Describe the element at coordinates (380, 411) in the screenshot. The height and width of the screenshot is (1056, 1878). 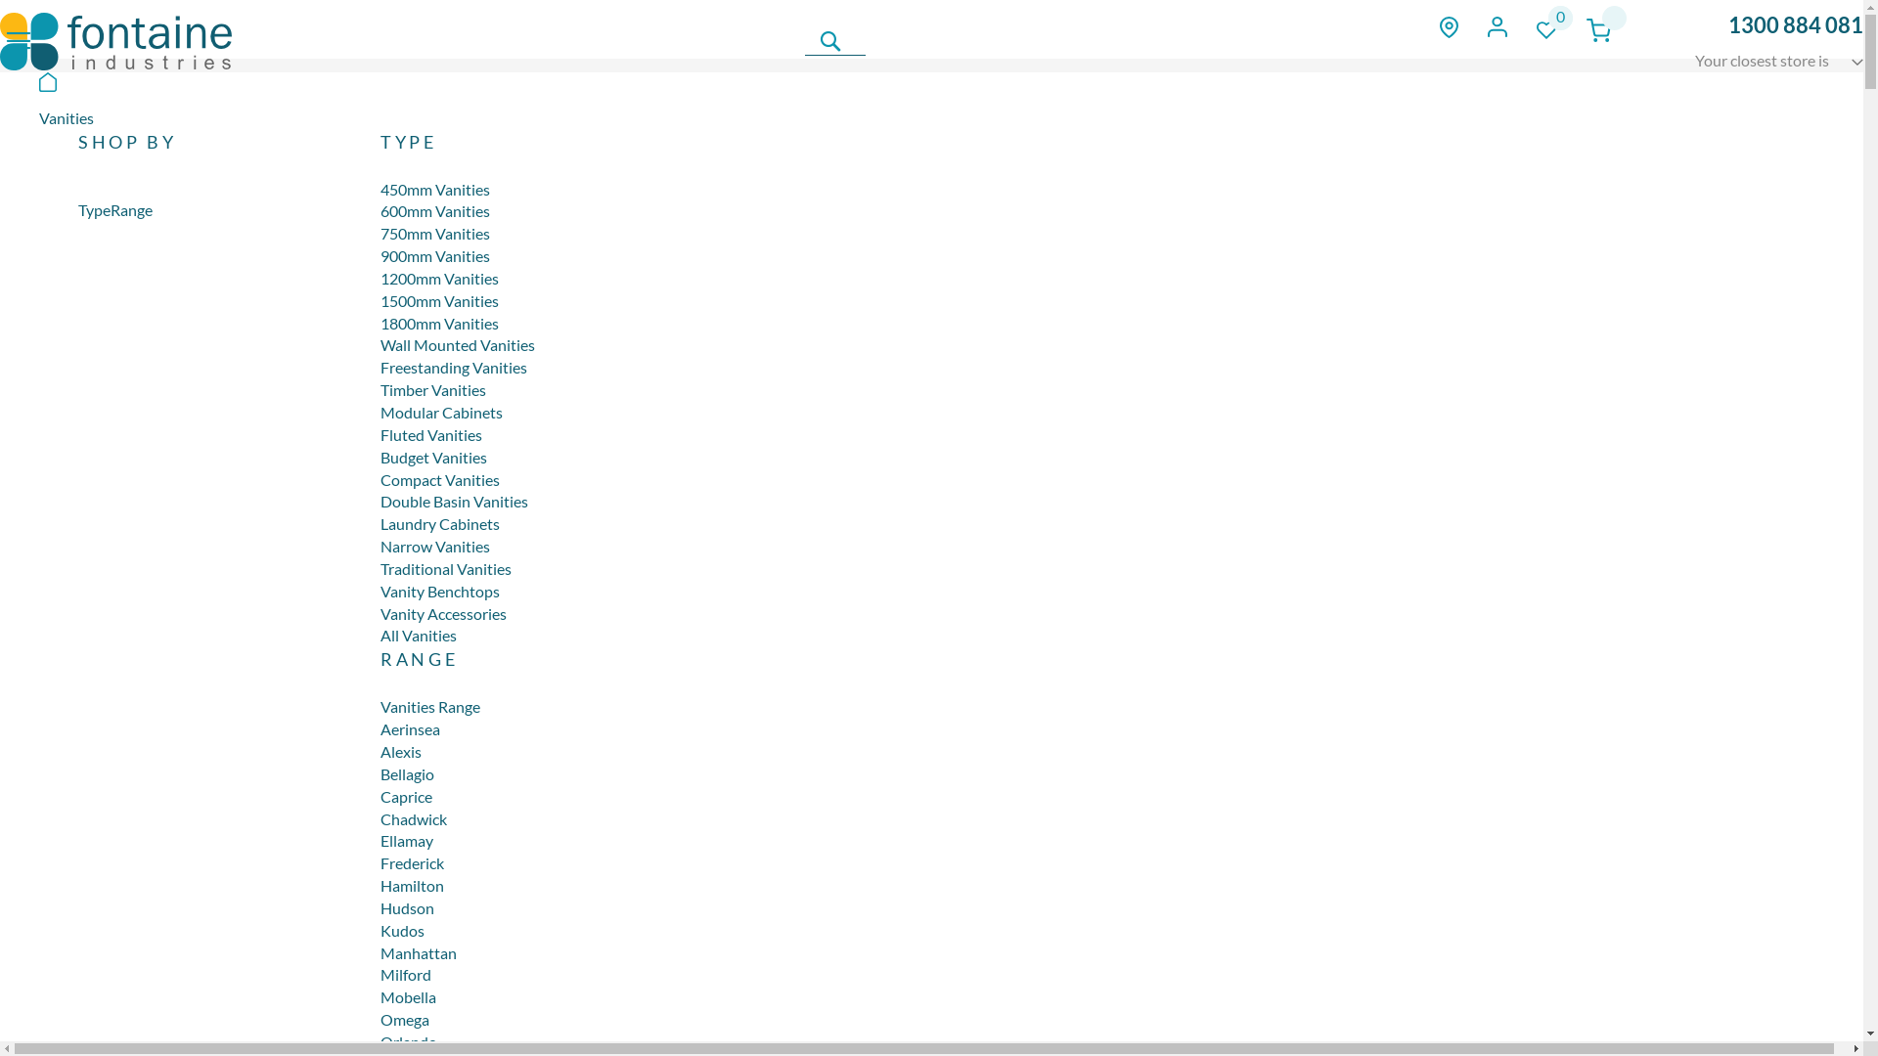
I see `'Modular Cabinets'` at that location.